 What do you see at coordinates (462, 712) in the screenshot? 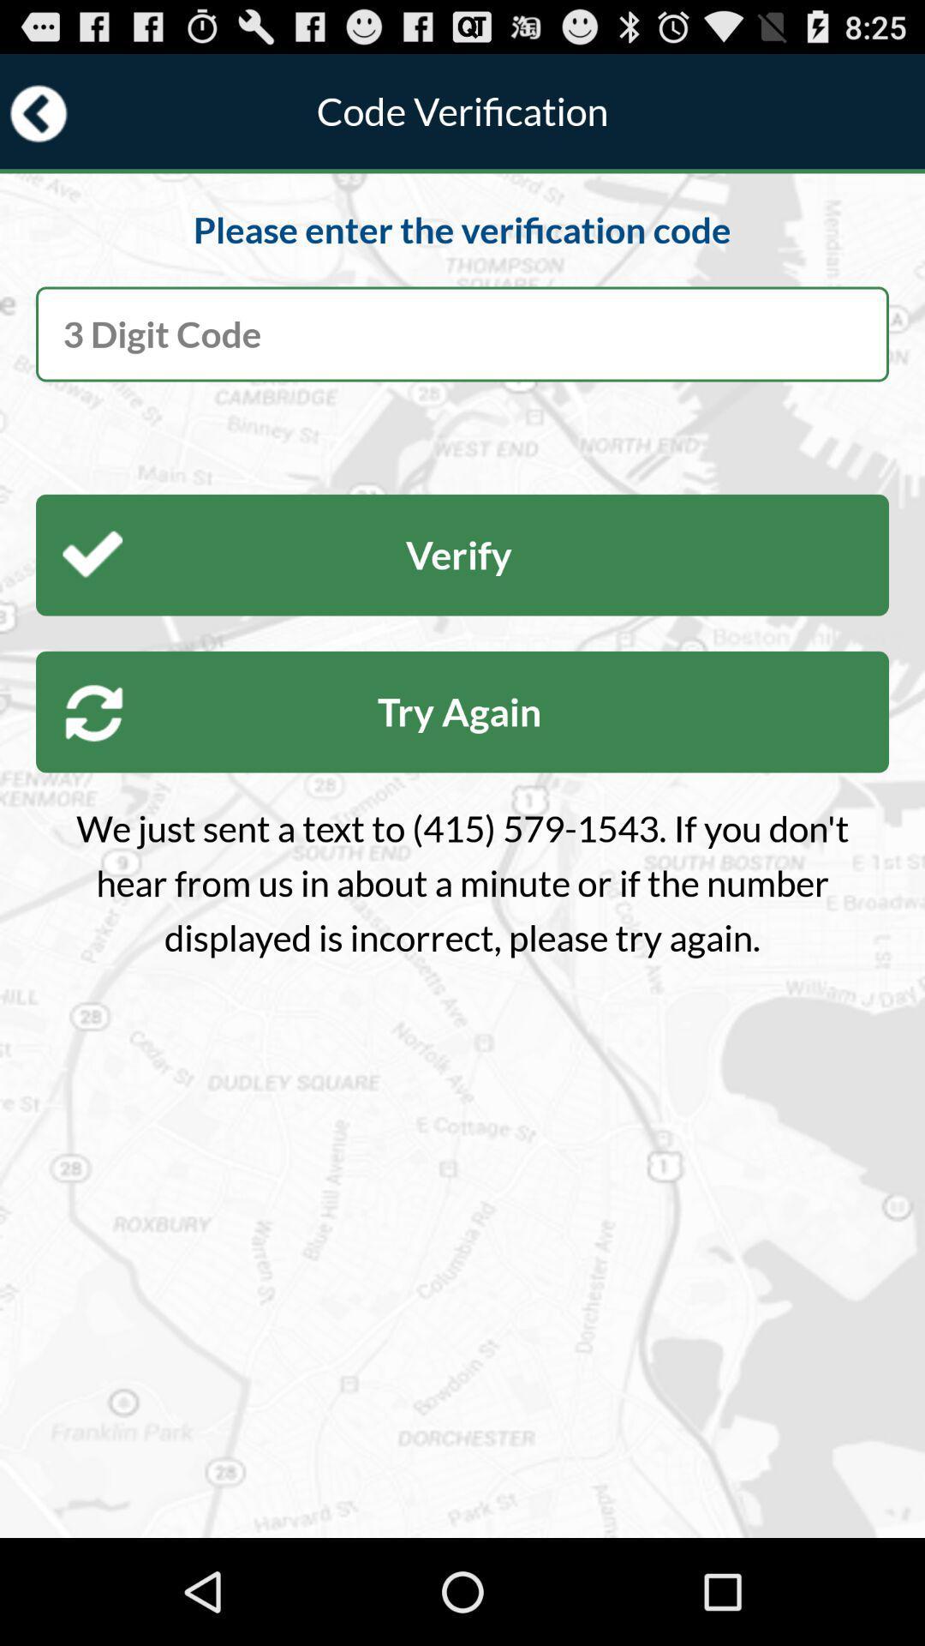
I see `the try again icon` at bounding box center [462, 712].